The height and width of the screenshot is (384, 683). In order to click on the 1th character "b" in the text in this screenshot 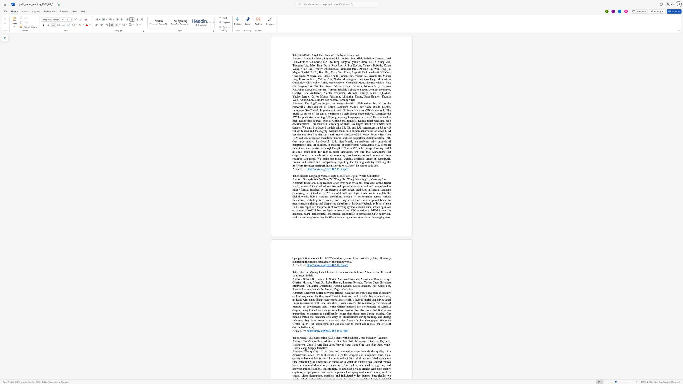, I will do `click(361, 179)`.